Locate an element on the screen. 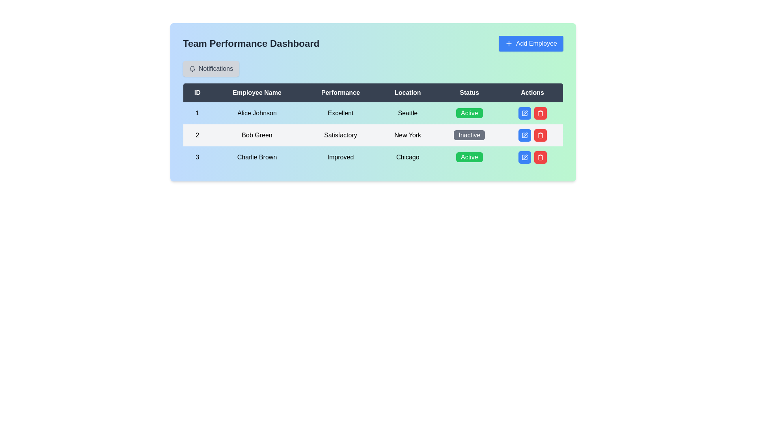 This screenshot has height=425, width=757. the blue pen-shaped icon in the 'Actions' column of the second row is located at coordinates (525, 112).